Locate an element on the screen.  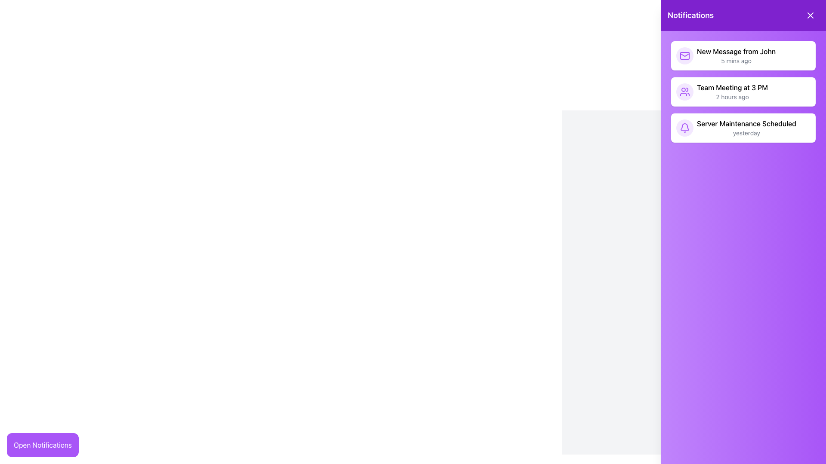
the team event notification icon located to the left of the text 'Team Meeting at 3 PM' in the Notifications sidebar is located at coordinates (684, 92).